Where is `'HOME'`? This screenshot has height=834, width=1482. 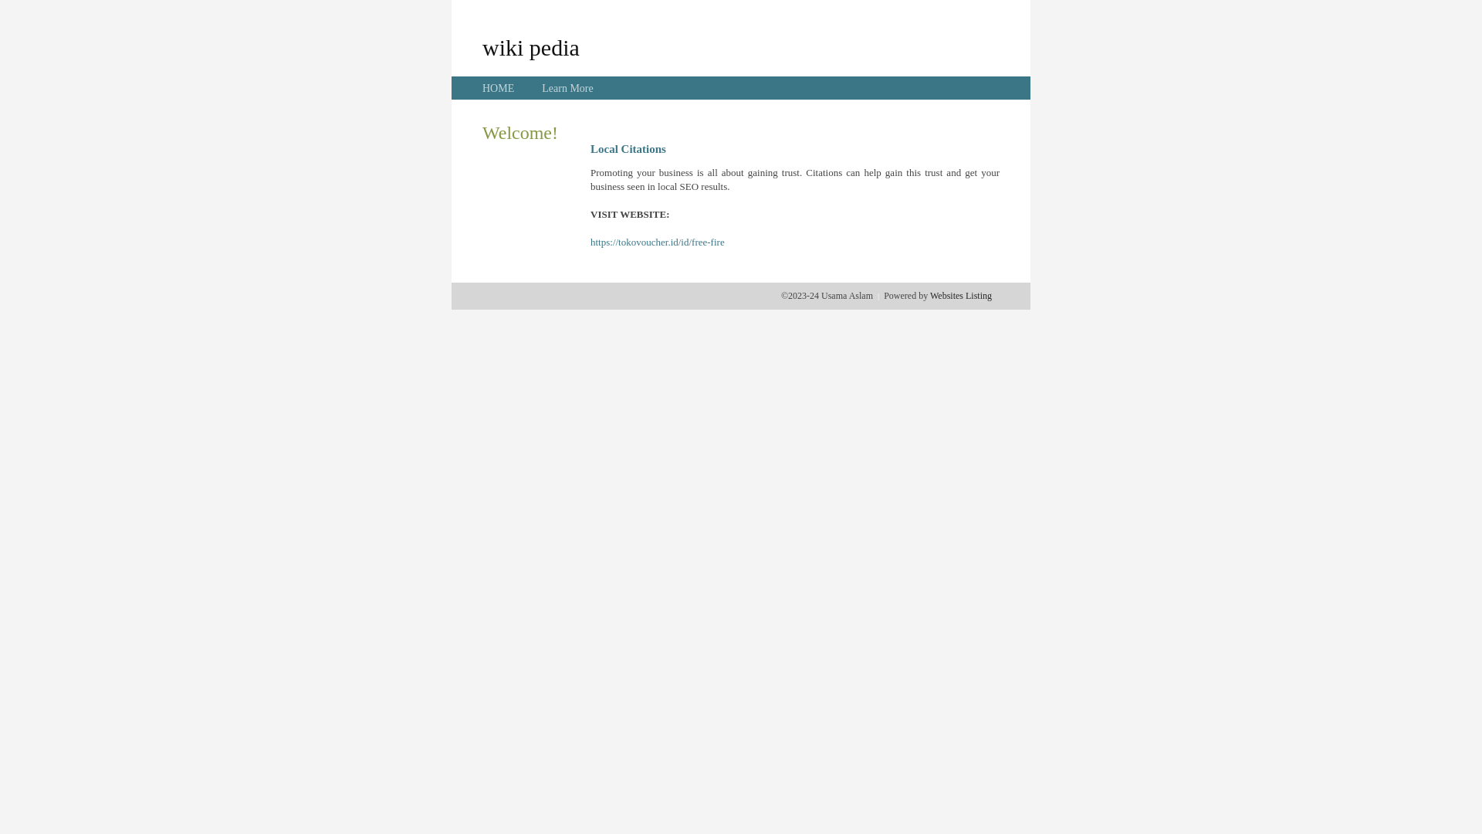
'HOME' is located at coordinates (498, 88).